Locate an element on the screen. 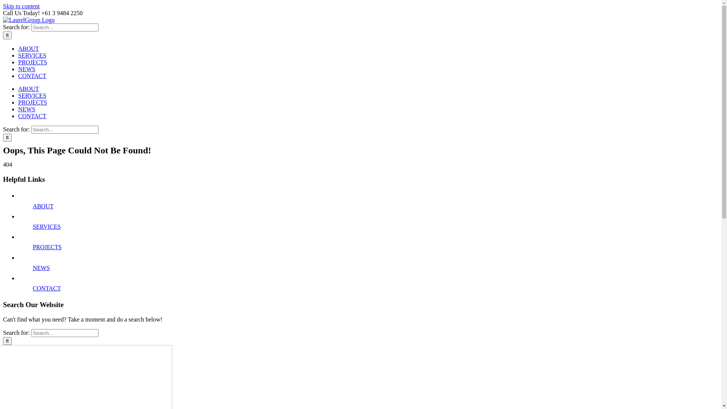 The width and height of the screenshot is (727, 409). 'ABOUT' is located at coordinates (42, 206).